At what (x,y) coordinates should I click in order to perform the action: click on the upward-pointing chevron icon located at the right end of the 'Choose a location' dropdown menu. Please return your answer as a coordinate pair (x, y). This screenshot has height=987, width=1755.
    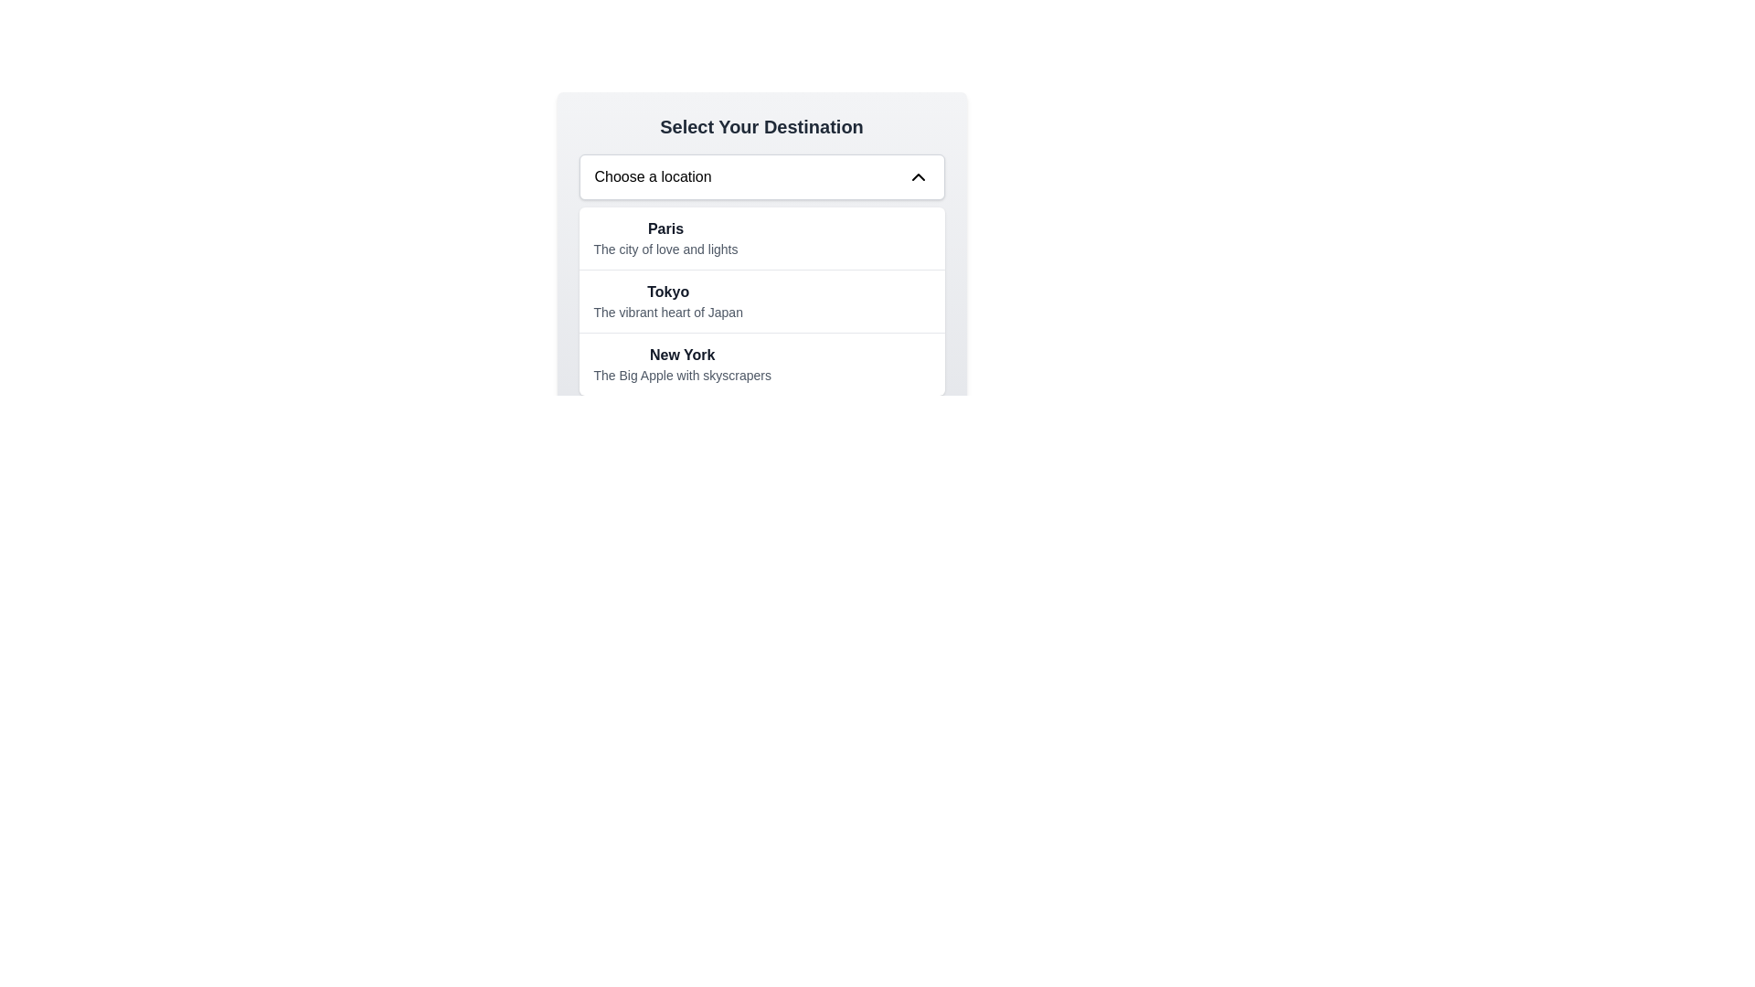
    Looking at the image, I should click on (918, 176).